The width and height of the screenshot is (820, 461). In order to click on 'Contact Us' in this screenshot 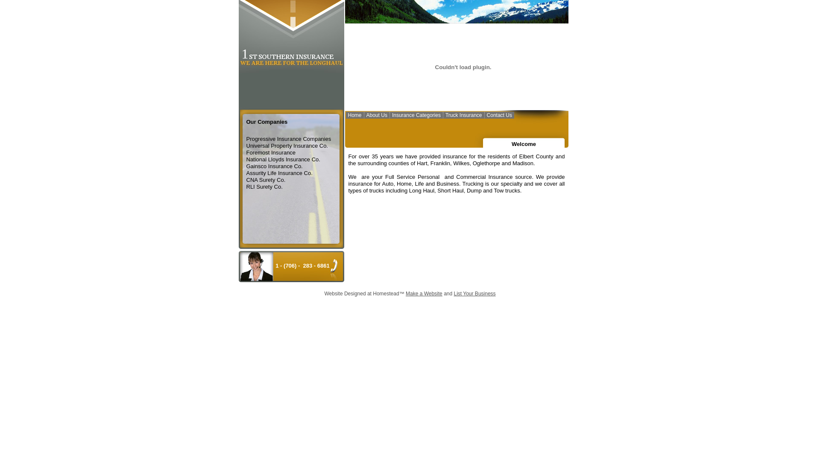, I will do `click(499, 116)`.